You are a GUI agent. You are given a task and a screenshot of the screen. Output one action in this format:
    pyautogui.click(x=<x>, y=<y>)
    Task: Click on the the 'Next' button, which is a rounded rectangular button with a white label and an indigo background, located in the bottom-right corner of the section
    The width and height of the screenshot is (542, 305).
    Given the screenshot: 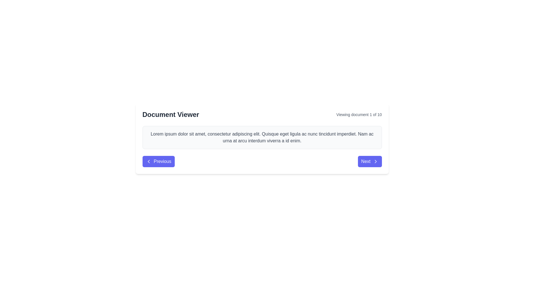 What is the action you would take?
    pyautogui.click(x=370, y=161)
    